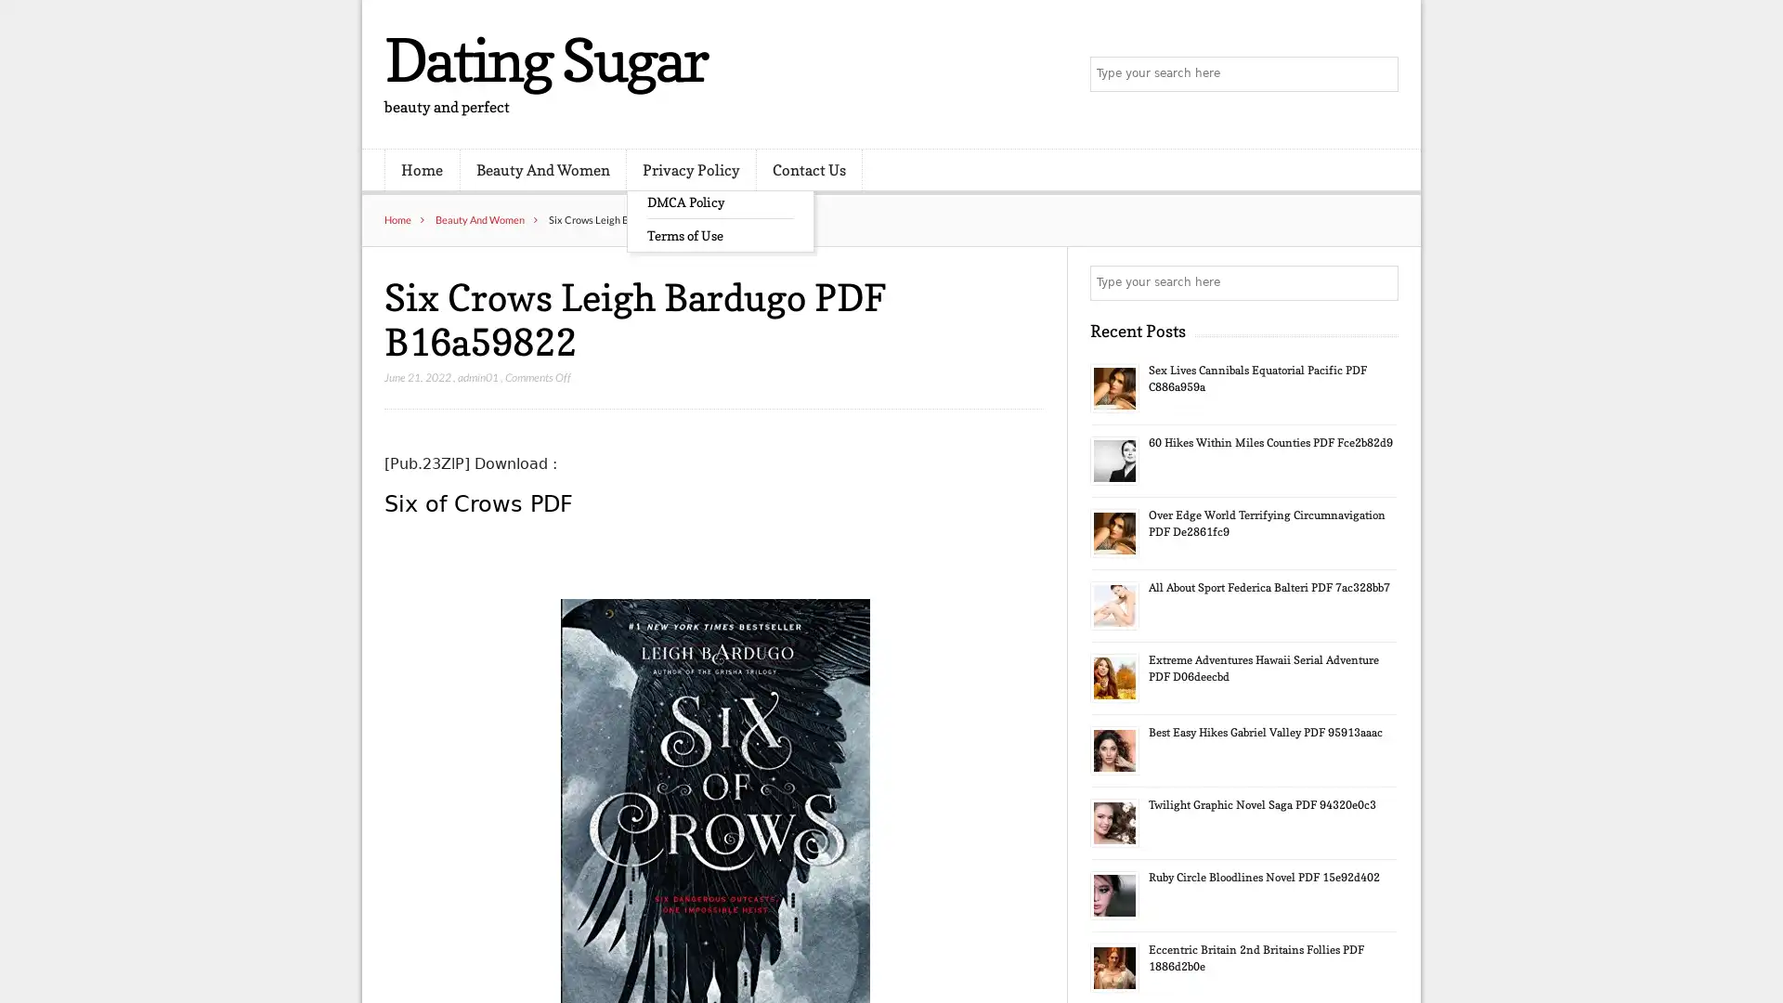 This screenshot has height=1003, width=1783. I want to click on Search, so click(1379, 282).